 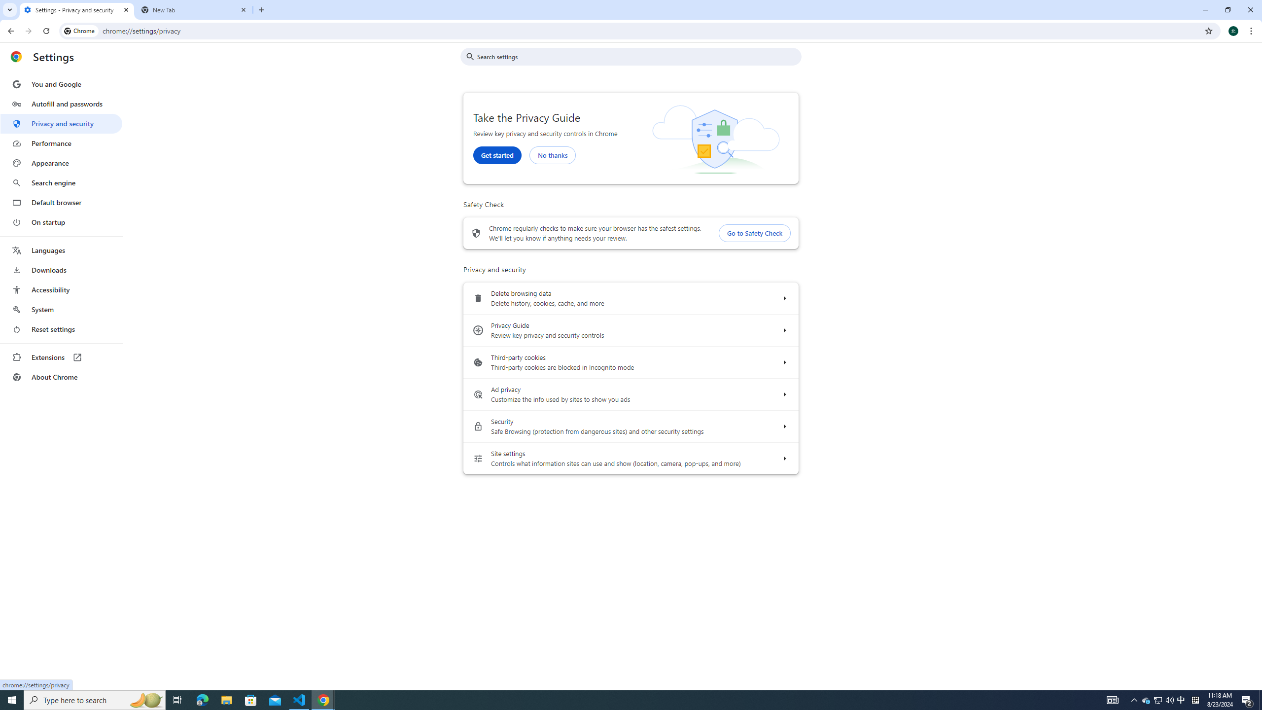 What do you see at coordinates (76, 9) in the screenshot?
I see `'Settings - Privacy and security'` at bounding box center [76, 9].